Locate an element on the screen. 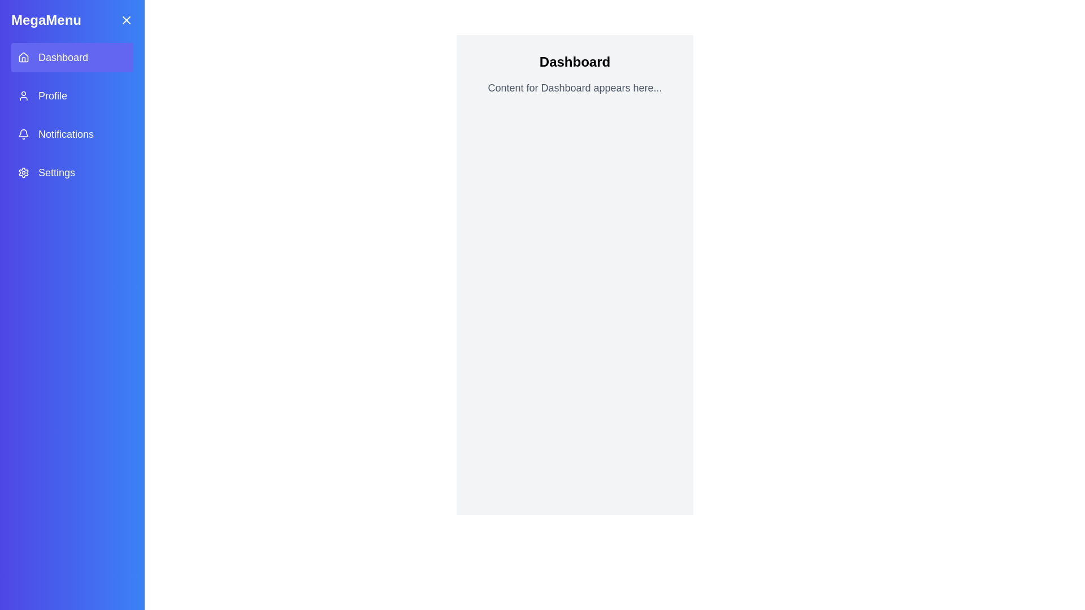 This screenshot has height=610, width=1085. the cogwheel icon indicating the 'Settings' option in the navigation menu via keyboard navigation for accessibility is located at coordinates (24, 172).